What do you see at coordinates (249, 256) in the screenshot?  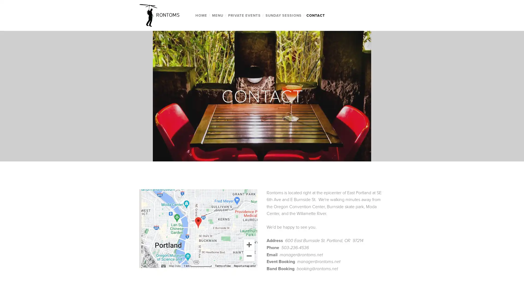 I see `Zoom out` at bounding box center [249, 256].